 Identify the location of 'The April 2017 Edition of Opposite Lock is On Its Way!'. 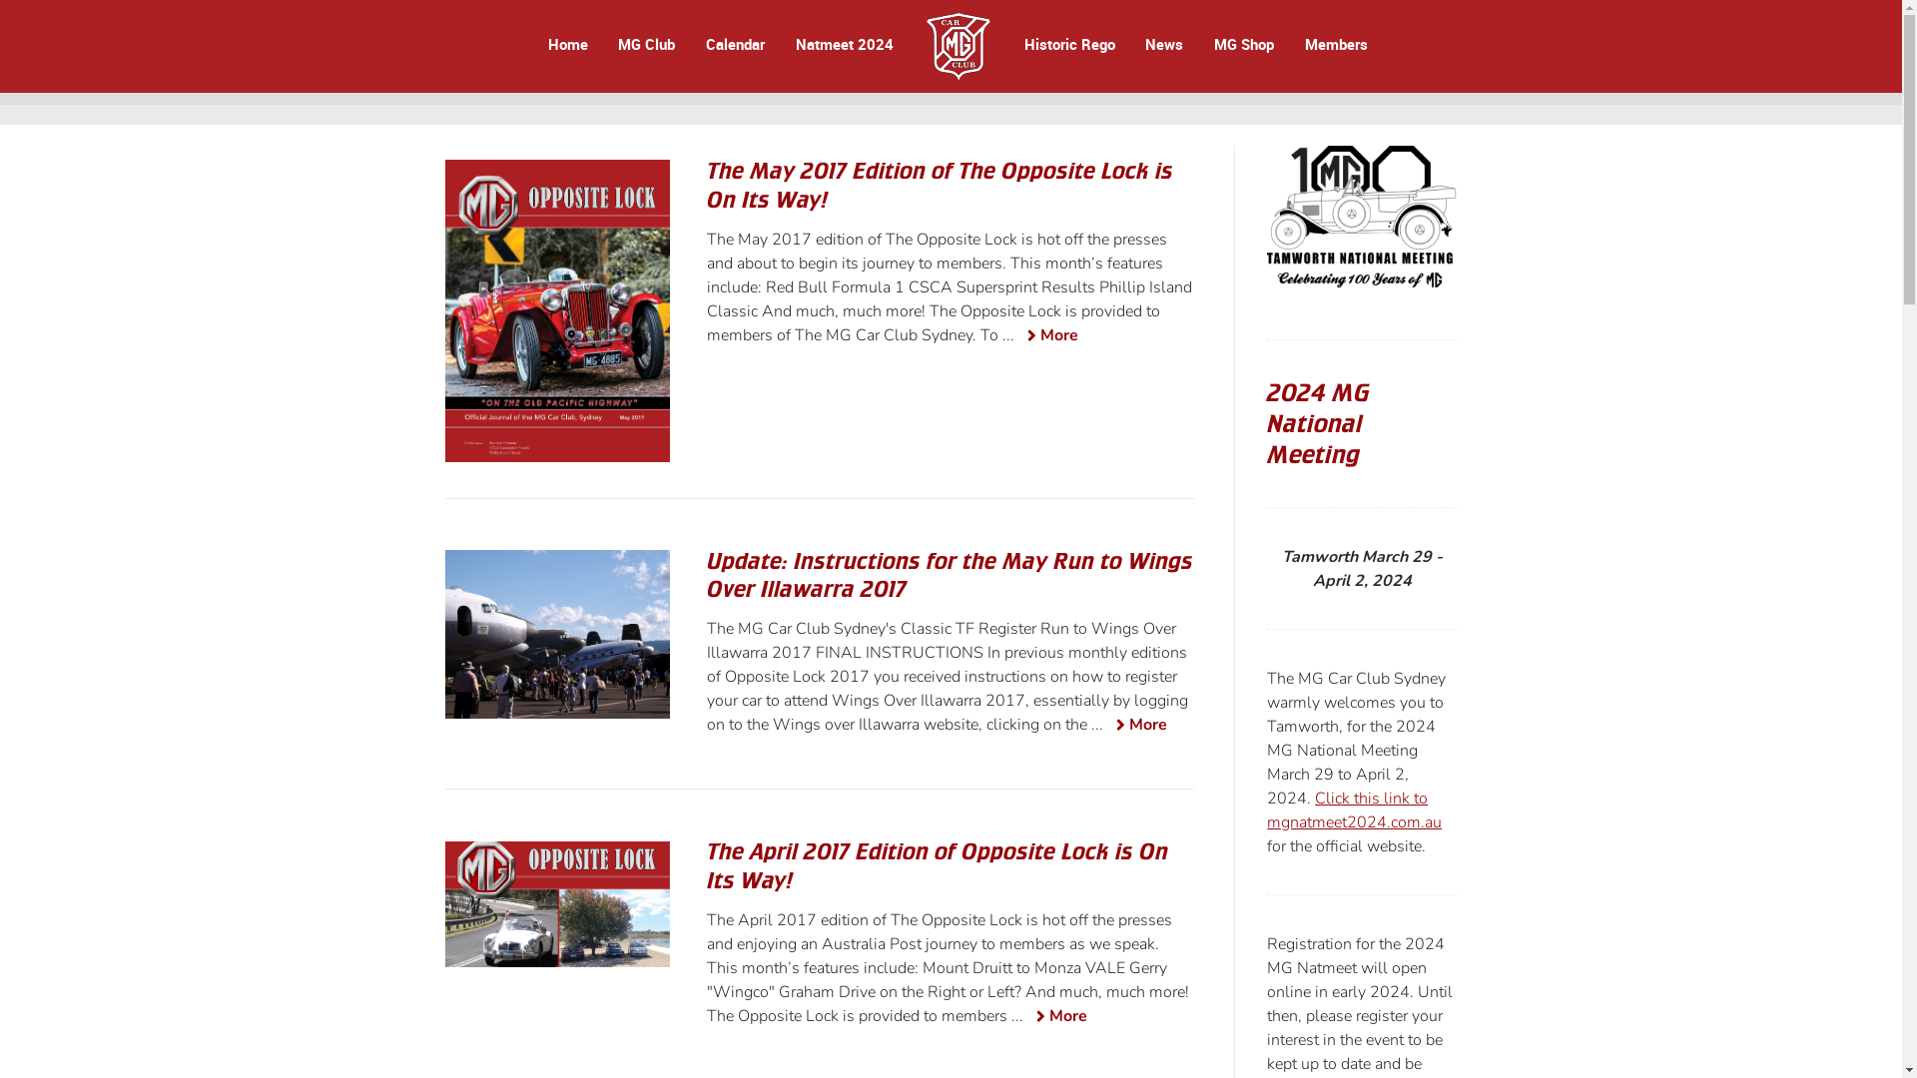
(937, 864).